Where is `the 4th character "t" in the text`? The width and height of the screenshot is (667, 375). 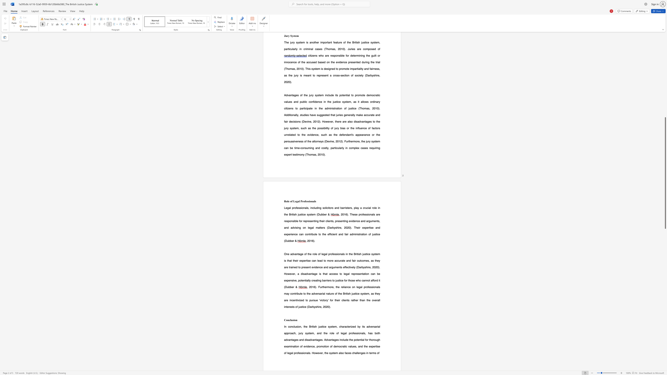
the 4th character "t" in the text is located at coordinates (298, 267).